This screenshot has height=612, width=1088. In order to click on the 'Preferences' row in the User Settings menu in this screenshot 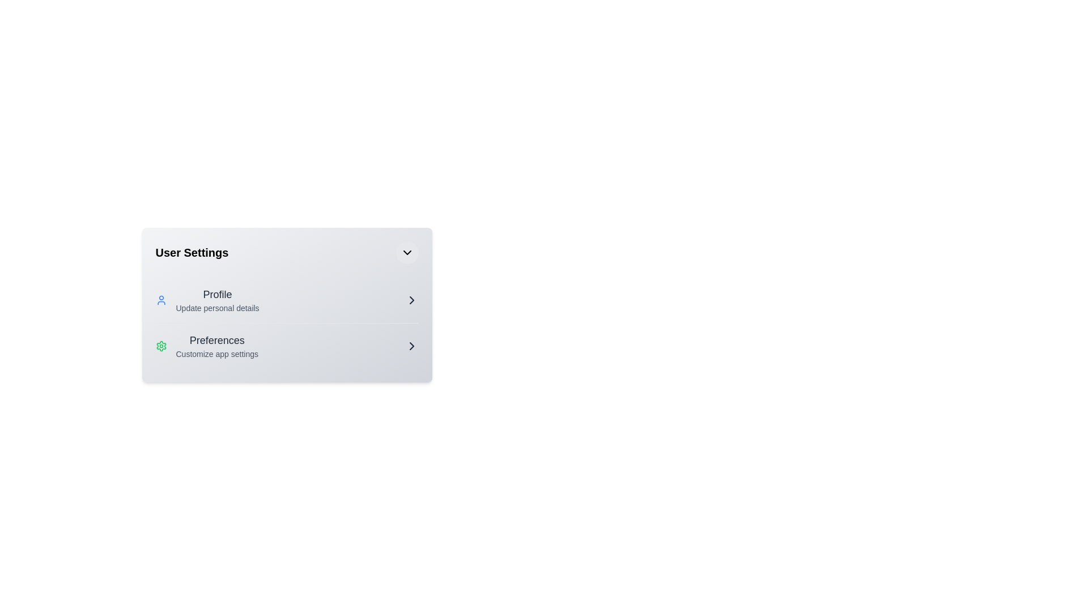, I will do `click(287, 323)`.